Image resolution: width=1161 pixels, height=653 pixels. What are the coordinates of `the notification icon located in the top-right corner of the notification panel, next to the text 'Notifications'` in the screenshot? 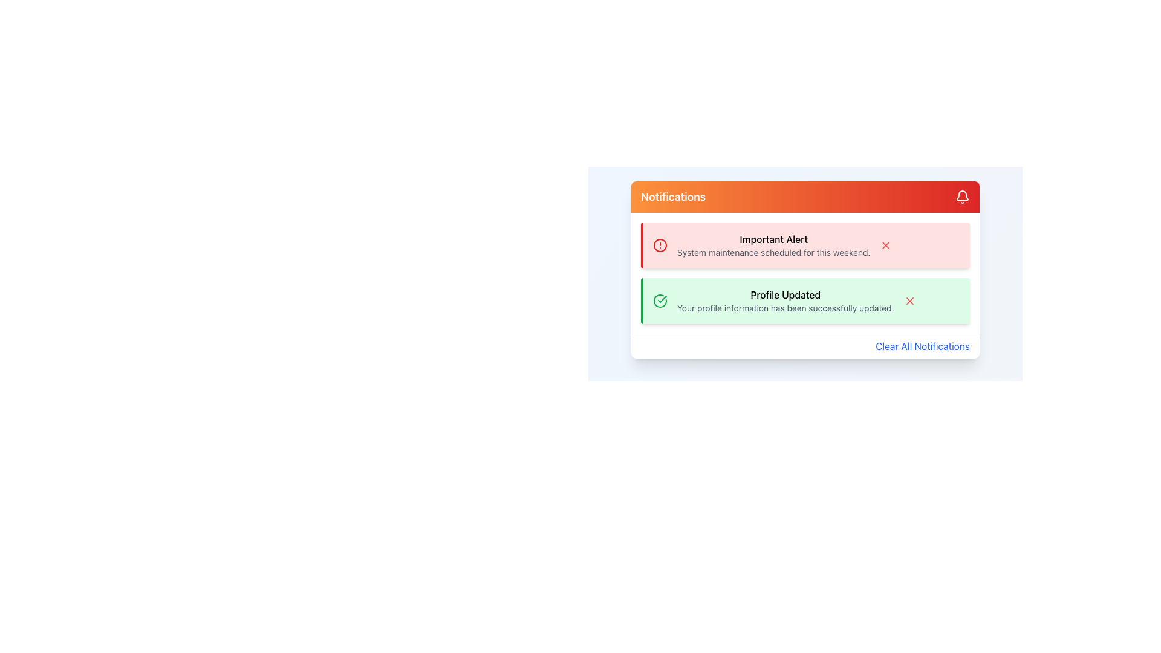 It's located at (962, 197).